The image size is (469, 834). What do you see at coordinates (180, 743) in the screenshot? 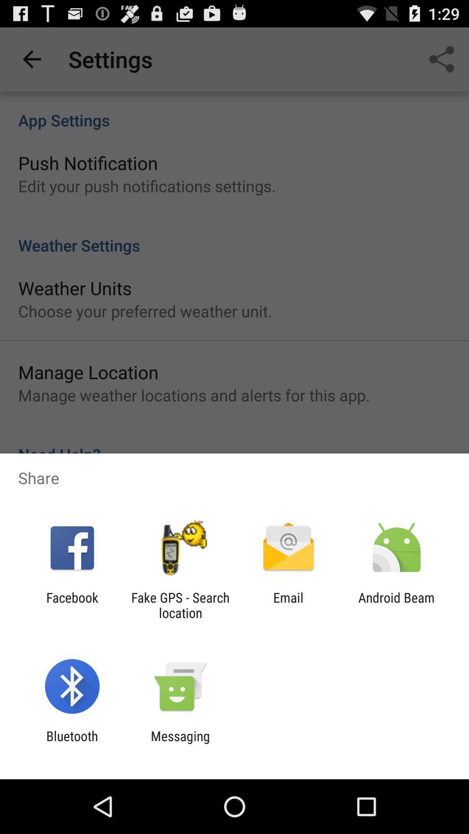
I see `the item next to bluetooth item` at bounding box center [180, 743].